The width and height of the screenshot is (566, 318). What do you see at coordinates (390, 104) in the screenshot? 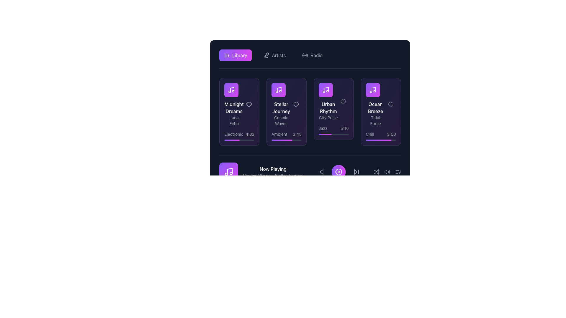
I see `the heart-shaped icon button located in the upper-right corner of the 'Ocean Breeze' card to favorite the item` at bounding box center [390, 104].